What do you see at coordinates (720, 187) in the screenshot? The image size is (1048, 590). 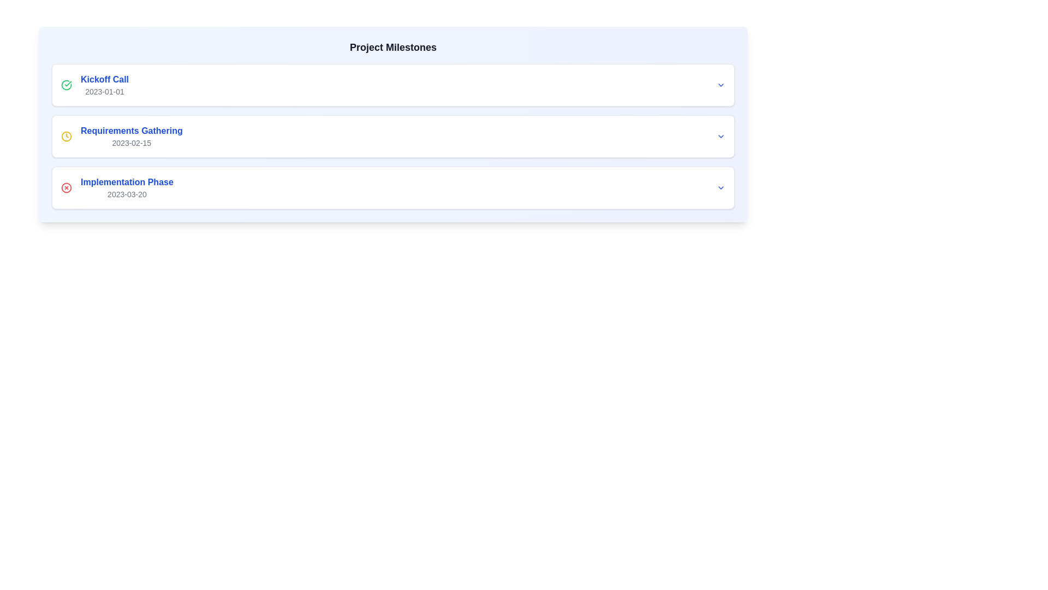 I see `the chevron icon at the rightmost end of the 'Implementation Phase 2023-03-20' row in the 'Project Milestones' section` at bounding box center [720, 187].